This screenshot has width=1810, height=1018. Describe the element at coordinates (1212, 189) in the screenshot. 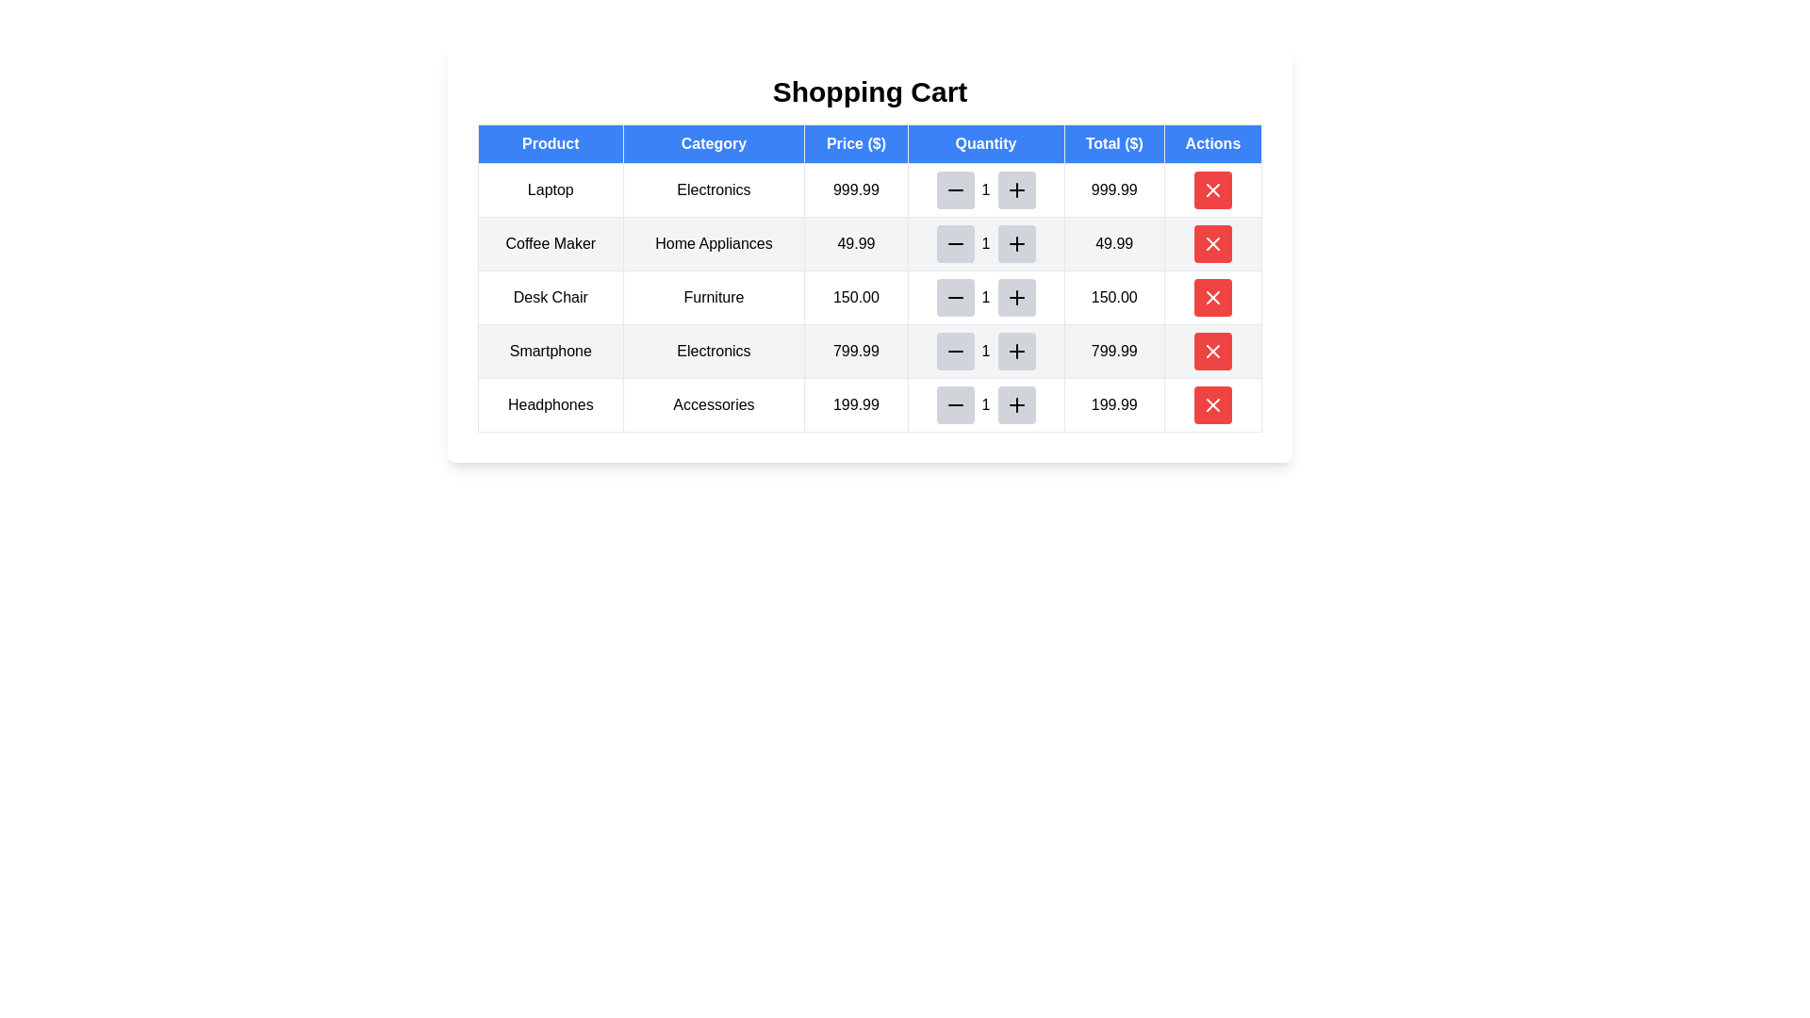

I see `the first red button in the 'Actions' column of the shopping cart table` at that location.